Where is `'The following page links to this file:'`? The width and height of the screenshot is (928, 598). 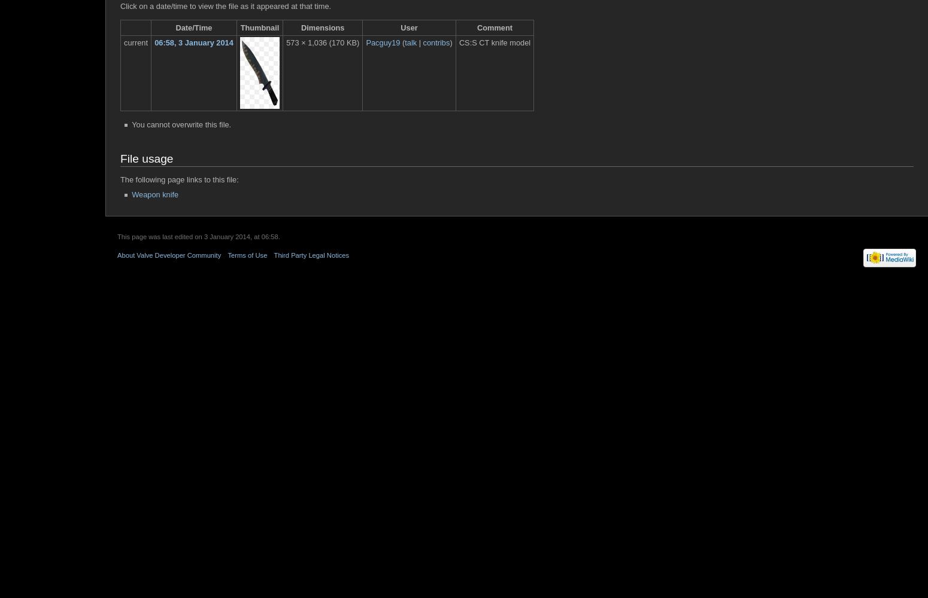
'The following page links to this file:' is located at coordinates (179, 179).